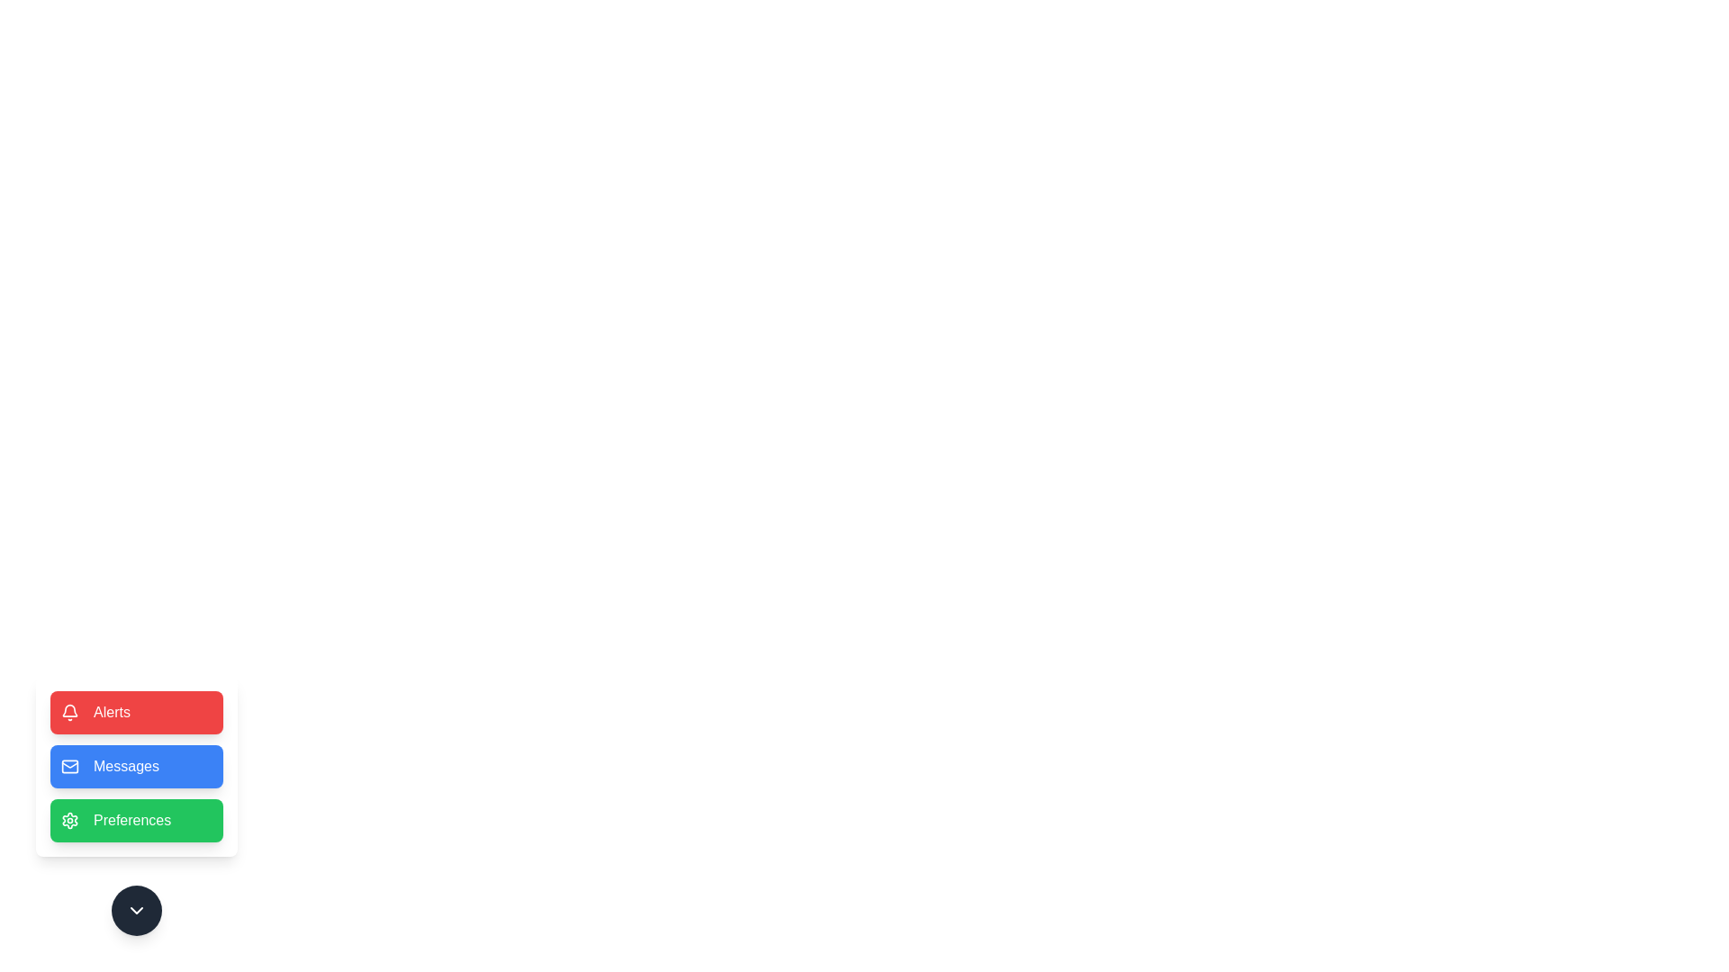 The width and height of the screenshot is (1729, 972). What do you see at coordinates (136, 711) in the screenshot?
I see `the Alerts button to observe the hover effect` at bounding box center [136, 711].